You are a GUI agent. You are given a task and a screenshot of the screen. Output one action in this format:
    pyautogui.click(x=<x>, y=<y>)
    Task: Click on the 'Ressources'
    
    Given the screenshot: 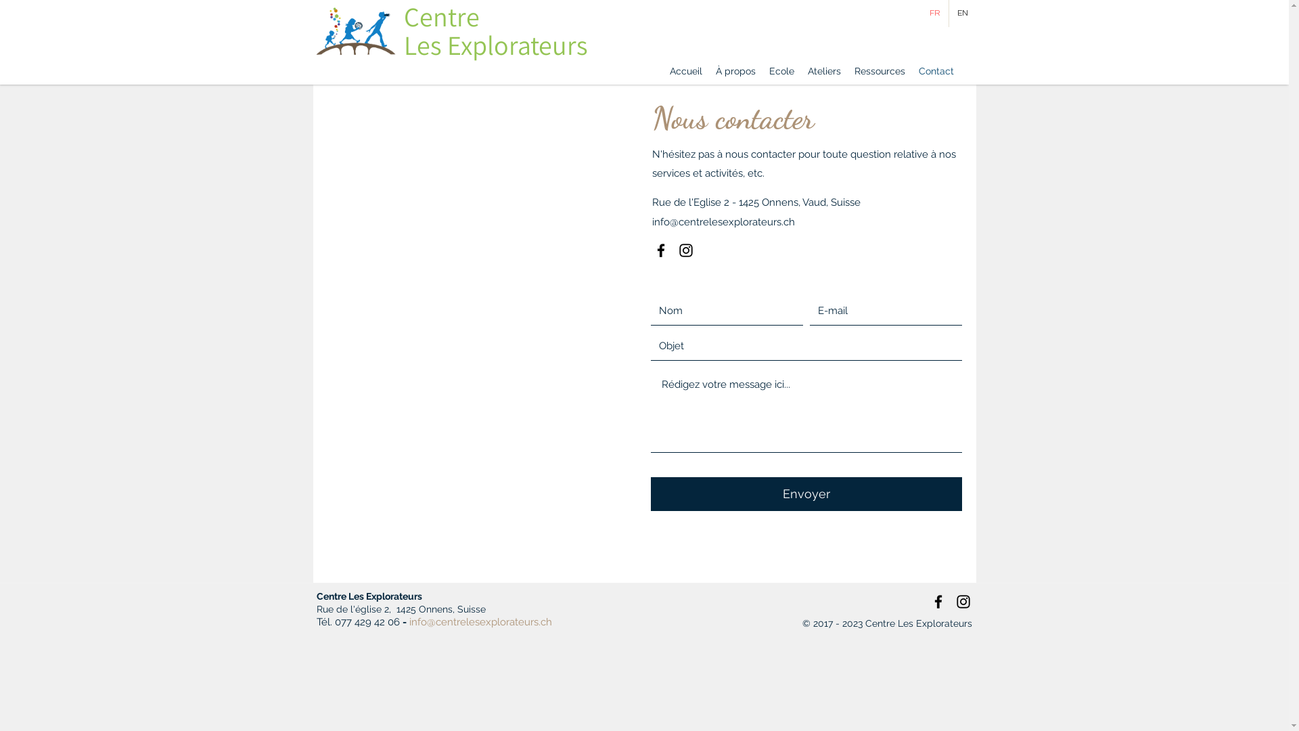 What is the action you would take?
    pyautogui.click(x=846, y=70)
    